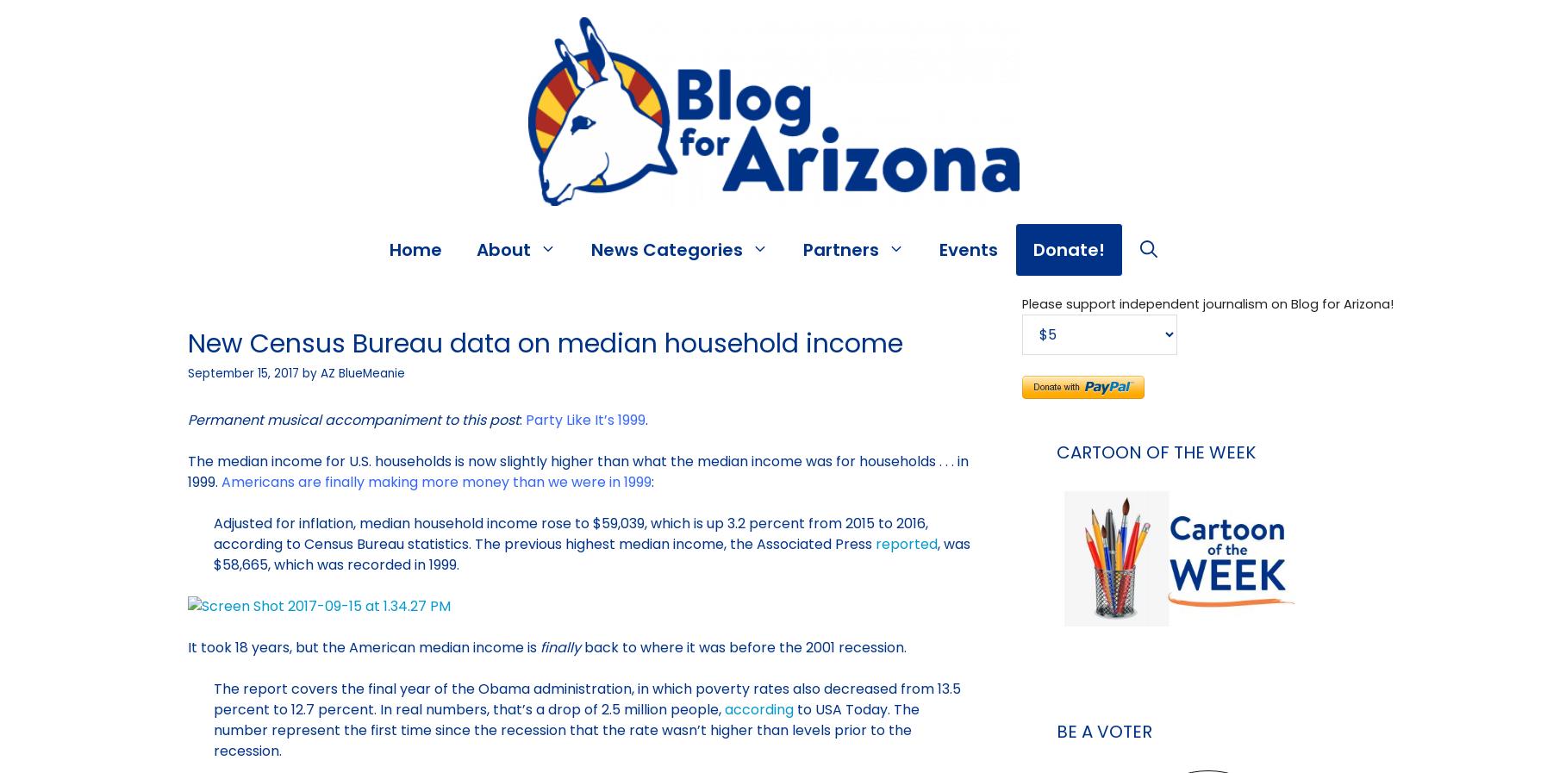 This screenshot has width=1547, height=773. What do you see at coordinates (435, 482) in the screenshot?
I see `'Americans are finally making more money than we were in 1999'` at bounding box center [435, 482].